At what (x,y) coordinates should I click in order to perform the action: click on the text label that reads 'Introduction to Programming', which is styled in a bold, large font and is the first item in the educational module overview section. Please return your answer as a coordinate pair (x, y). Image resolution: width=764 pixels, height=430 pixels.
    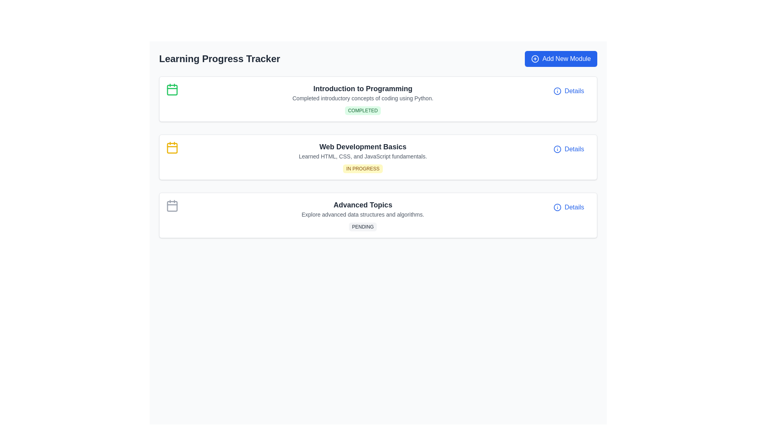
    Looking at the image, I should click on (363, 89).